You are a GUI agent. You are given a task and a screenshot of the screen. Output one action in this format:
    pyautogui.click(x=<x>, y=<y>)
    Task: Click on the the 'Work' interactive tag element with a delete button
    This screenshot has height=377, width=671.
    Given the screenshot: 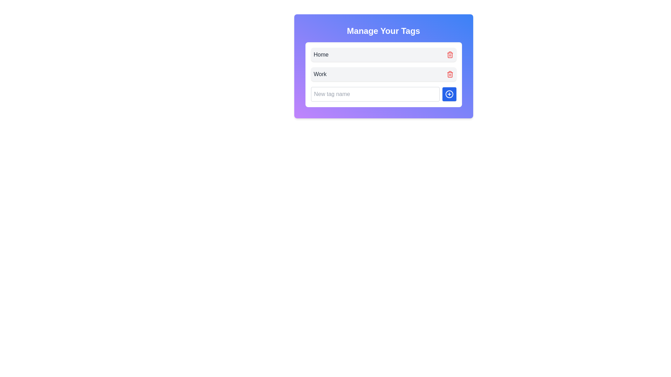 What is the action you would take?
    pyautogui.click(x=383, y=74)
    